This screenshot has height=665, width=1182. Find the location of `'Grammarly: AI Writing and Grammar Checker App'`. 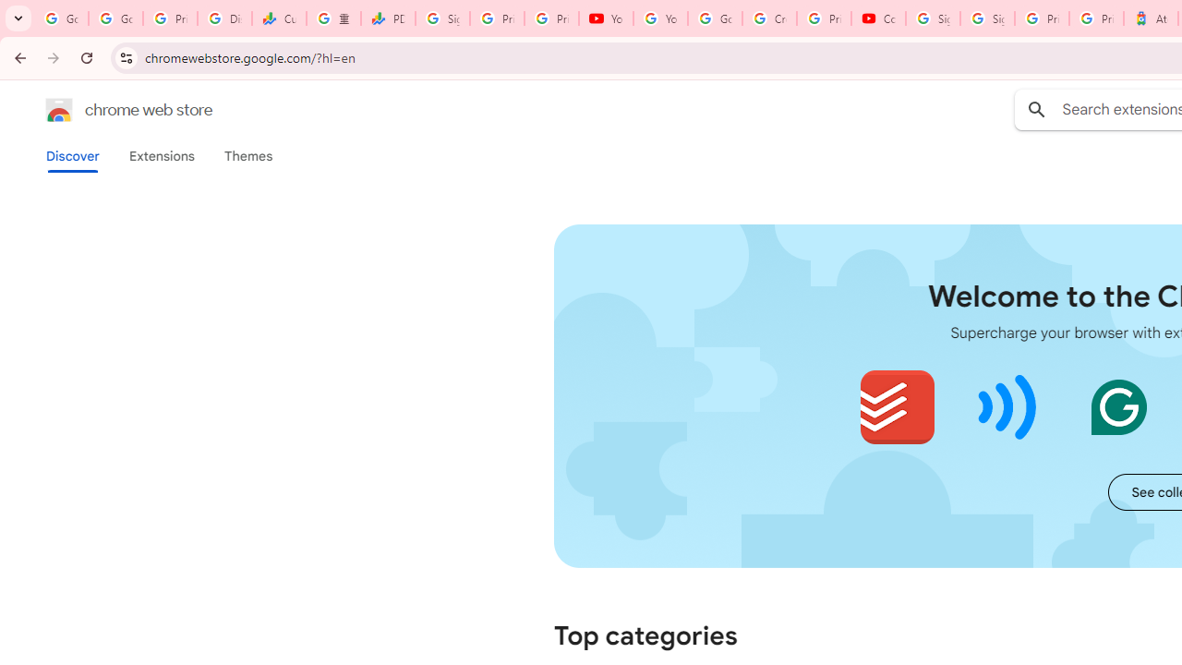

'Grammarly: AI Writing and Grammar Checker App' is located at coordinates (1117, 406).